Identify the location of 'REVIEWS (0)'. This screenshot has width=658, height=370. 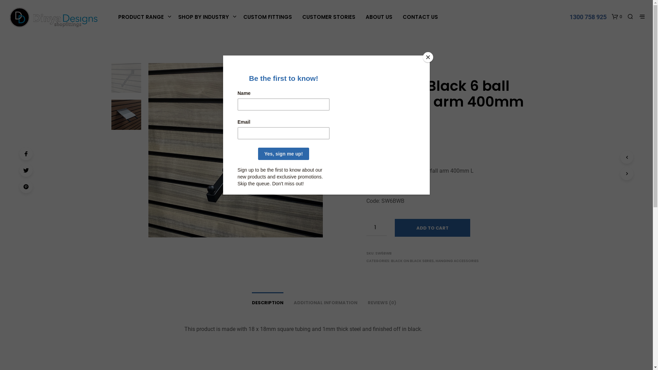
(381, 300).